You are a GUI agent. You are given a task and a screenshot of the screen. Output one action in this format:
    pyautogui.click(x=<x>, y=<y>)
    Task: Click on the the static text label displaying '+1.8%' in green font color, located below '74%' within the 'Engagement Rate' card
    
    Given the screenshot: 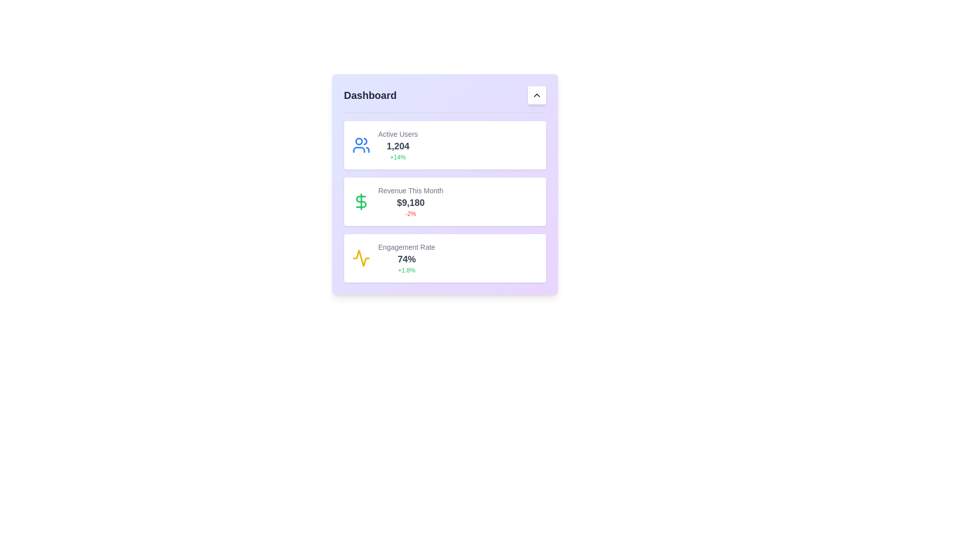 What is the action you would take?
    pyautogui.click(x=407, y=270)
    